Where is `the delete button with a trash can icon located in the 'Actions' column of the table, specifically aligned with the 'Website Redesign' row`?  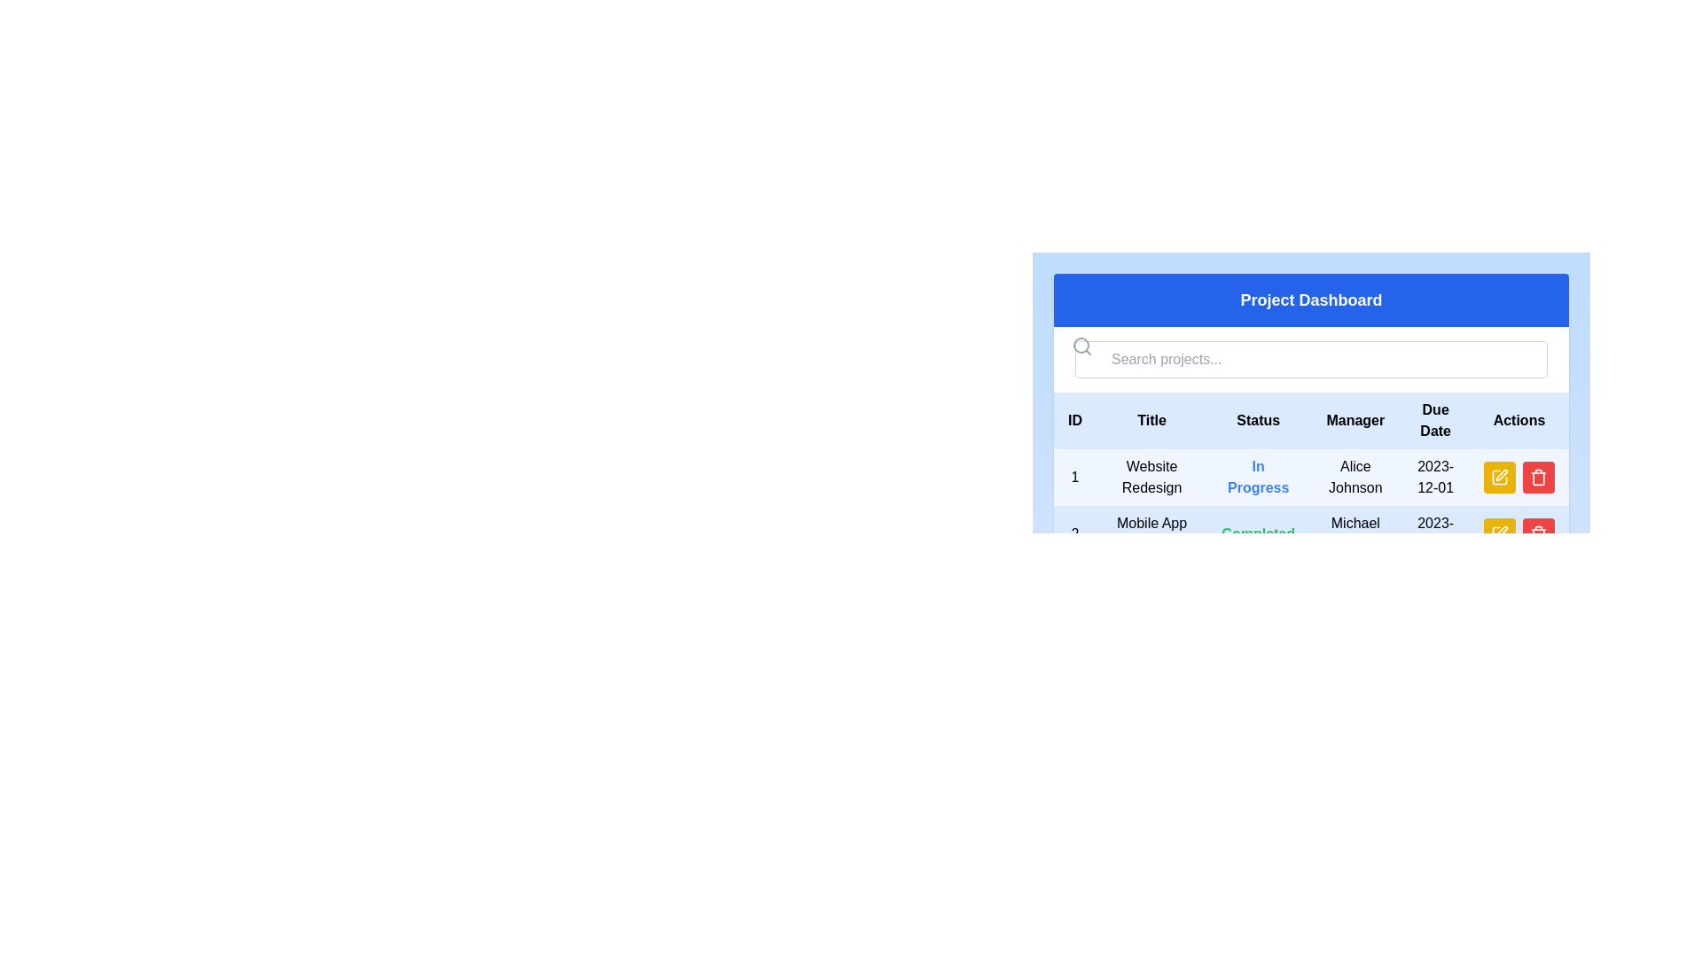 the delete button with a trash can icon located in the 'Actions' column of the table, specifically aligned with the 'Website Redesign' row is located at coordinates (1538, 477).